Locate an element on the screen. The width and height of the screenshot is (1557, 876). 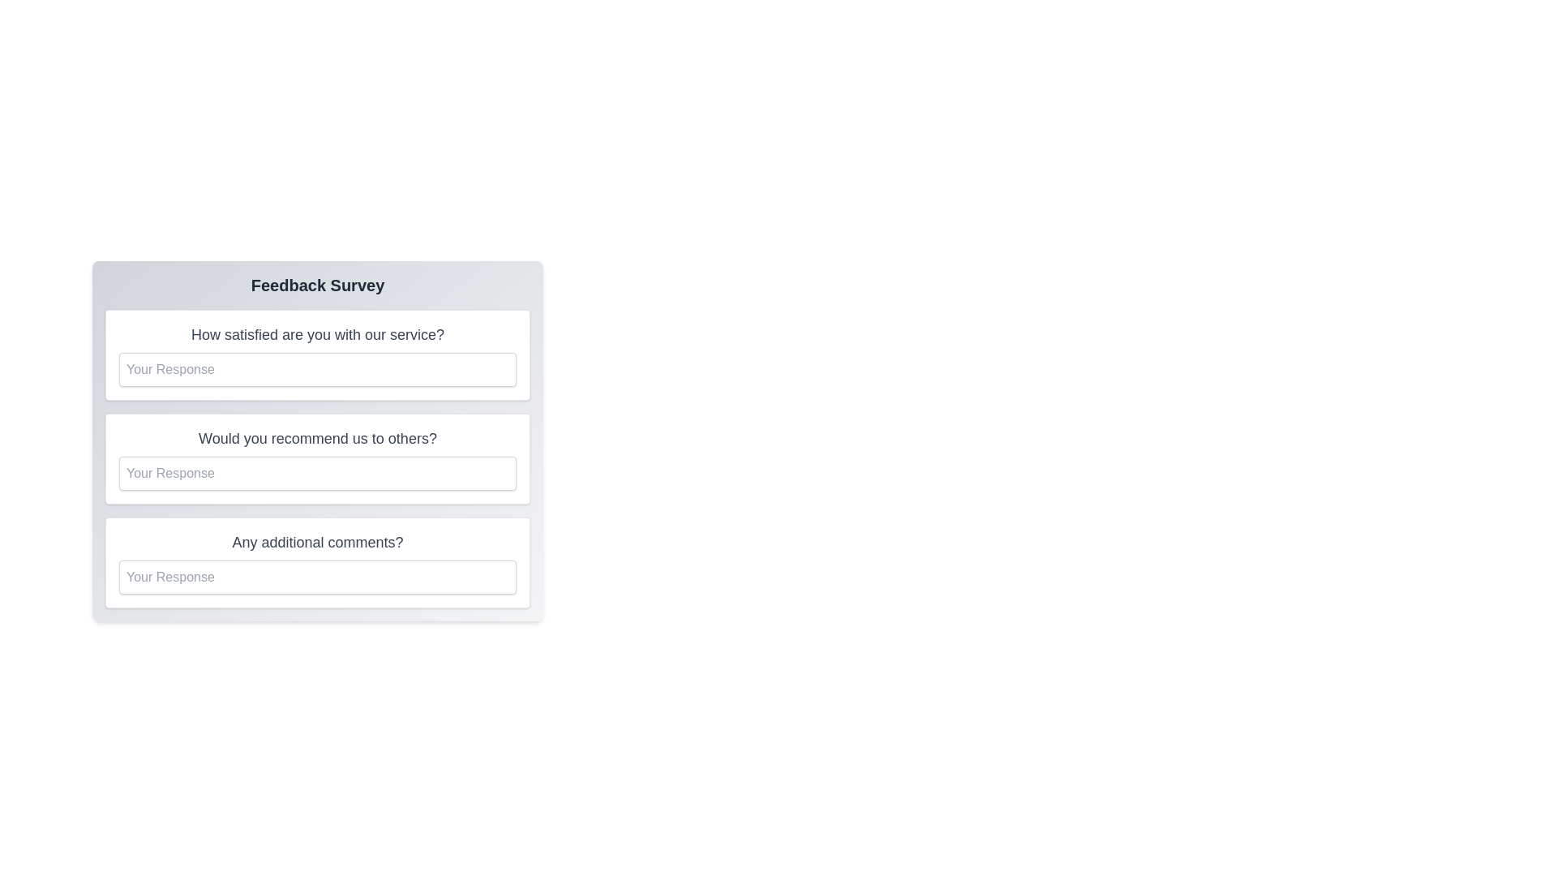
the text input field for Would you recommend us to others? is located at coordinates (318, 473).